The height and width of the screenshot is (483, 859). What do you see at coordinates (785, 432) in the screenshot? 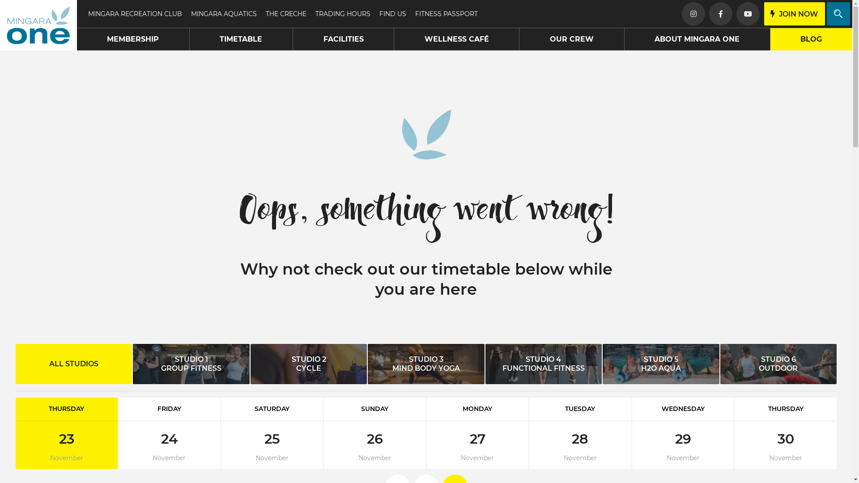
I see `'THURSDAY` at bounding box center [785, 432].